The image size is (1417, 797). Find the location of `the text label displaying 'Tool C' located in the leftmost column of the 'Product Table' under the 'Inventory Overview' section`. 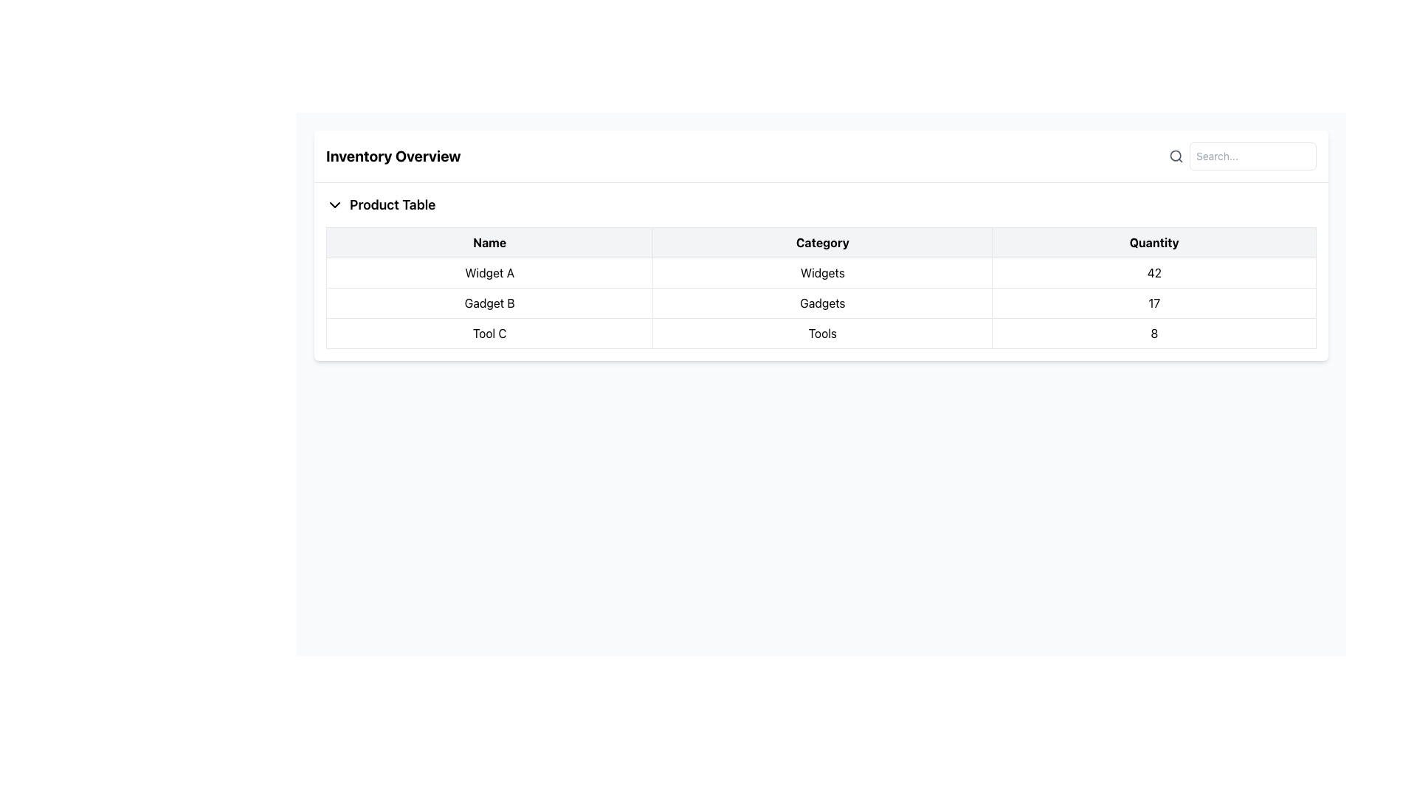

the text label displaying 'Tool C' located in the leftmost column of the 'Product Table' under the 'Inventory Overview' section is located at coordinates (489, 333).